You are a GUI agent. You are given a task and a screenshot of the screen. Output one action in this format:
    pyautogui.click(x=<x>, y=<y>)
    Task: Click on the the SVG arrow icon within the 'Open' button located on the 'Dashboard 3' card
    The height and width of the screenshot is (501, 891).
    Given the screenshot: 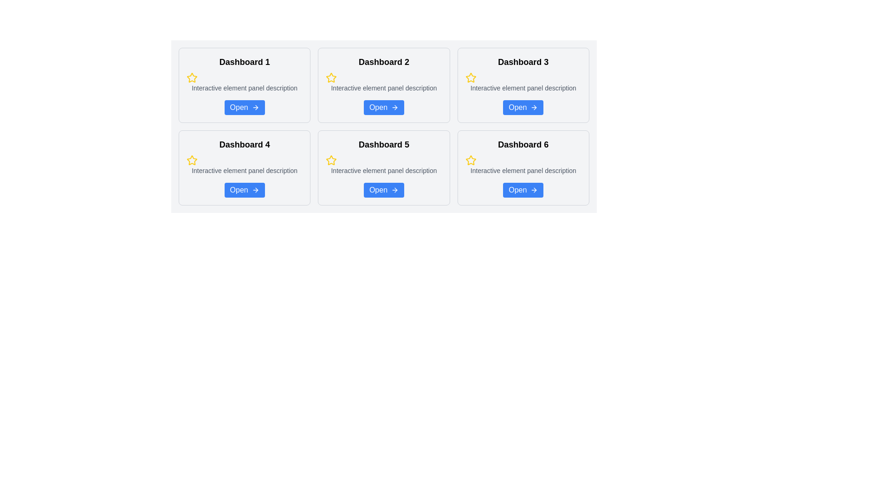 What is the action you would take?
    pyautogui.click(x=535, y=107)
    